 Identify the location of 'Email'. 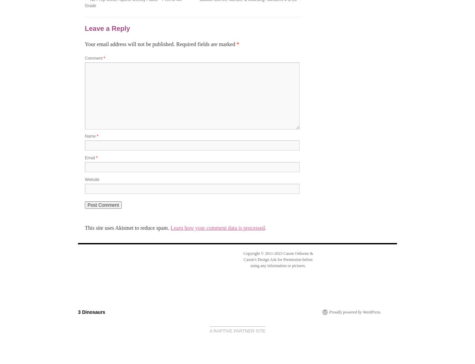
(90, 157).